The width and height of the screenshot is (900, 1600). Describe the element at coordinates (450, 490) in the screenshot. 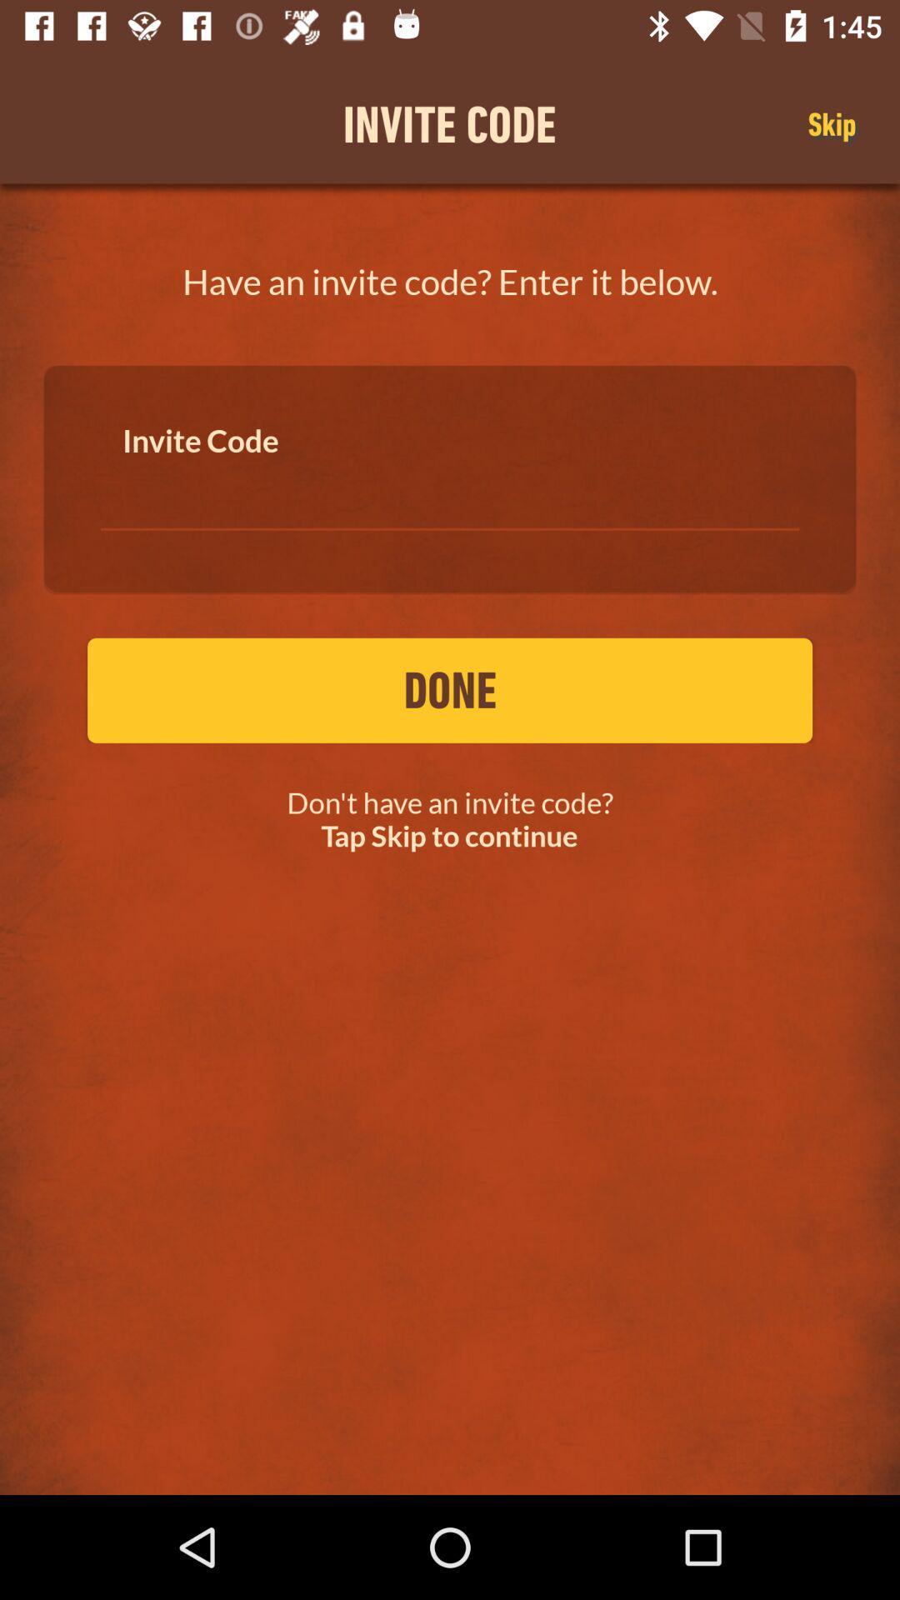

I see `the icon below the have an invite` at that location.